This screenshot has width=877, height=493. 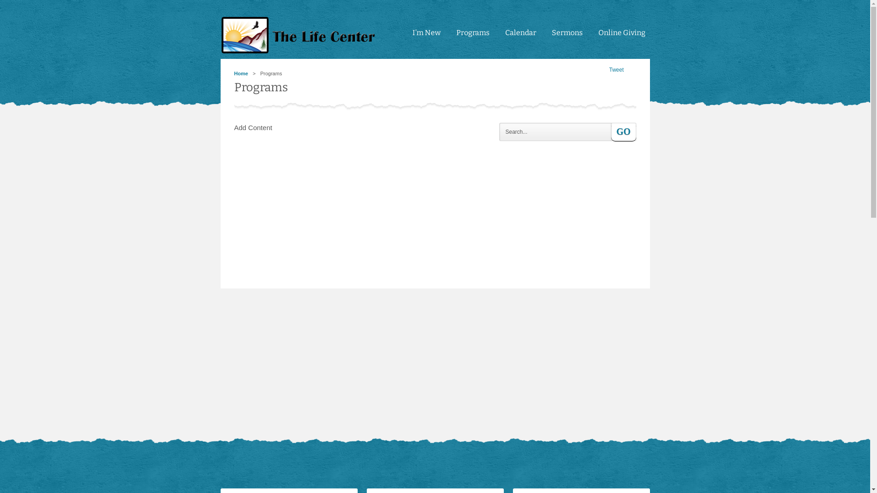 What do you see at coordinates (300, 35) in the screenshot?
I see `'tlc4me'` at bounding box center [300, 35].